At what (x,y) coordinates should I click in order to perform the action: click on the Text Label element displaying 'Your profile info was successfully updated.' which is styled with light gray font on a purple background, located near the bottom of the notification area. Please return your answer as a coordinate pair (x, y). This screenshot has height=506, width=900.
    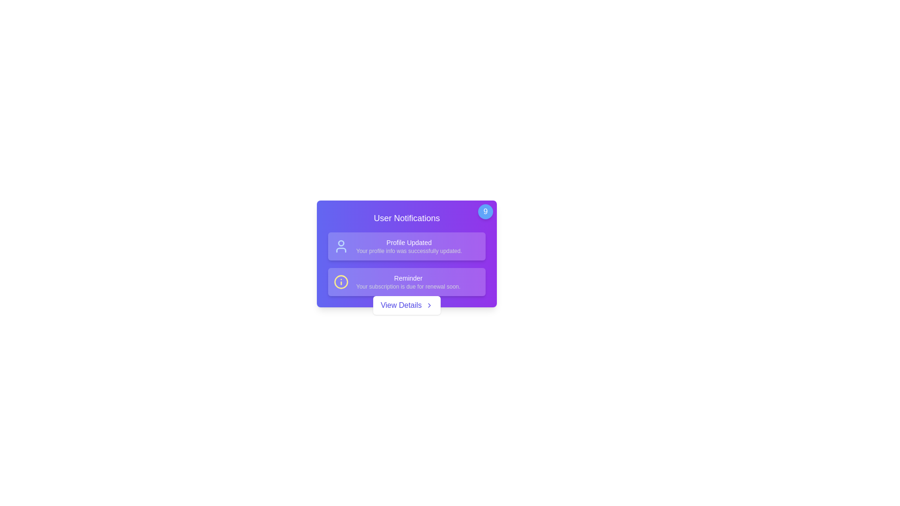
    Looking at the image, I should click on (409, 251).